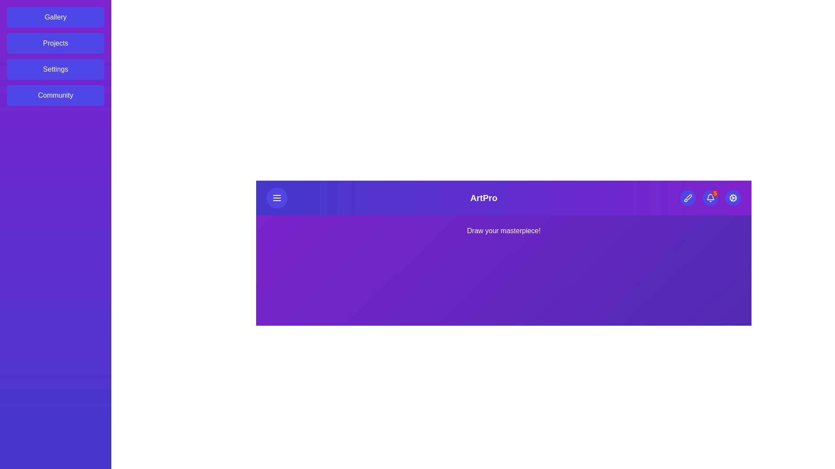  What do you see at coordinates (710, 198) in the screenshot?
I see `the toolbar button notifications` at bounding box center [710, 198].